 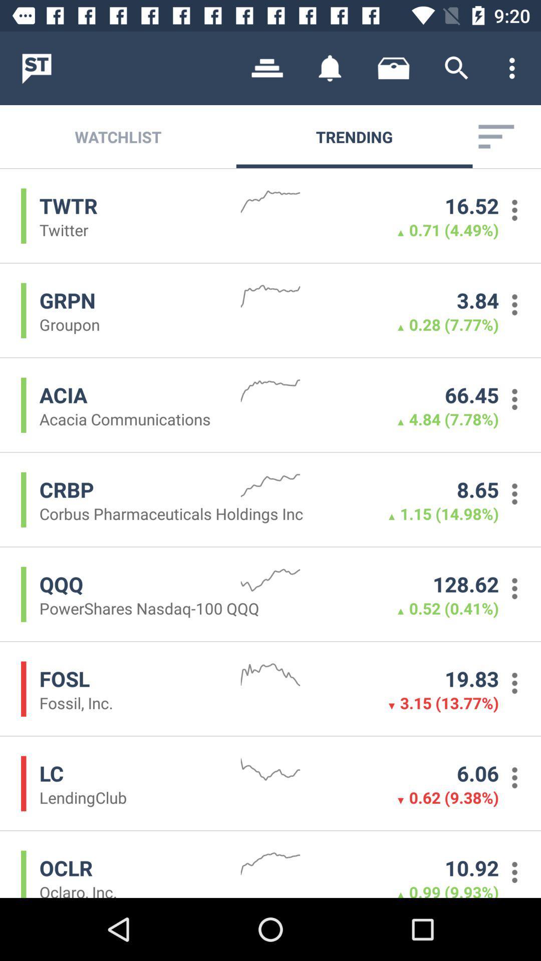 I want to click on the item next to the trending icon, so click(x=496, y=136).